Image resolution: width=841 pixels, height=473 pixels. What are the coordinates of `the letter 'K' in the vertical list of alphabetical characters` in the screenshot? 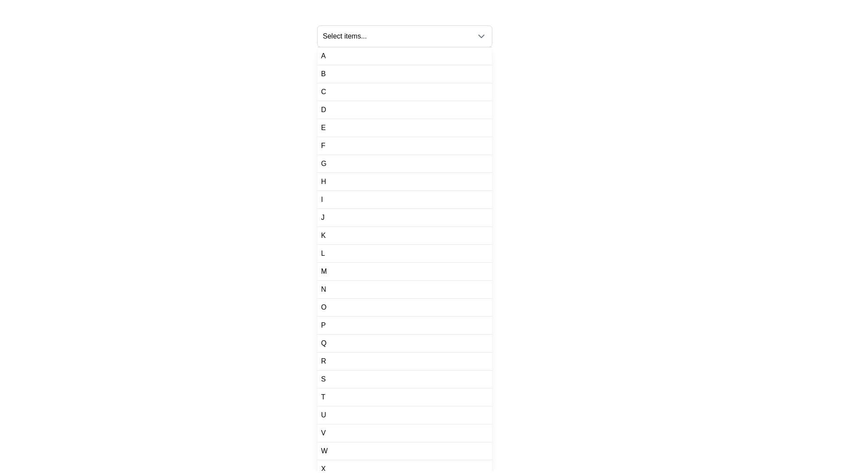 It's located at (323, 235).